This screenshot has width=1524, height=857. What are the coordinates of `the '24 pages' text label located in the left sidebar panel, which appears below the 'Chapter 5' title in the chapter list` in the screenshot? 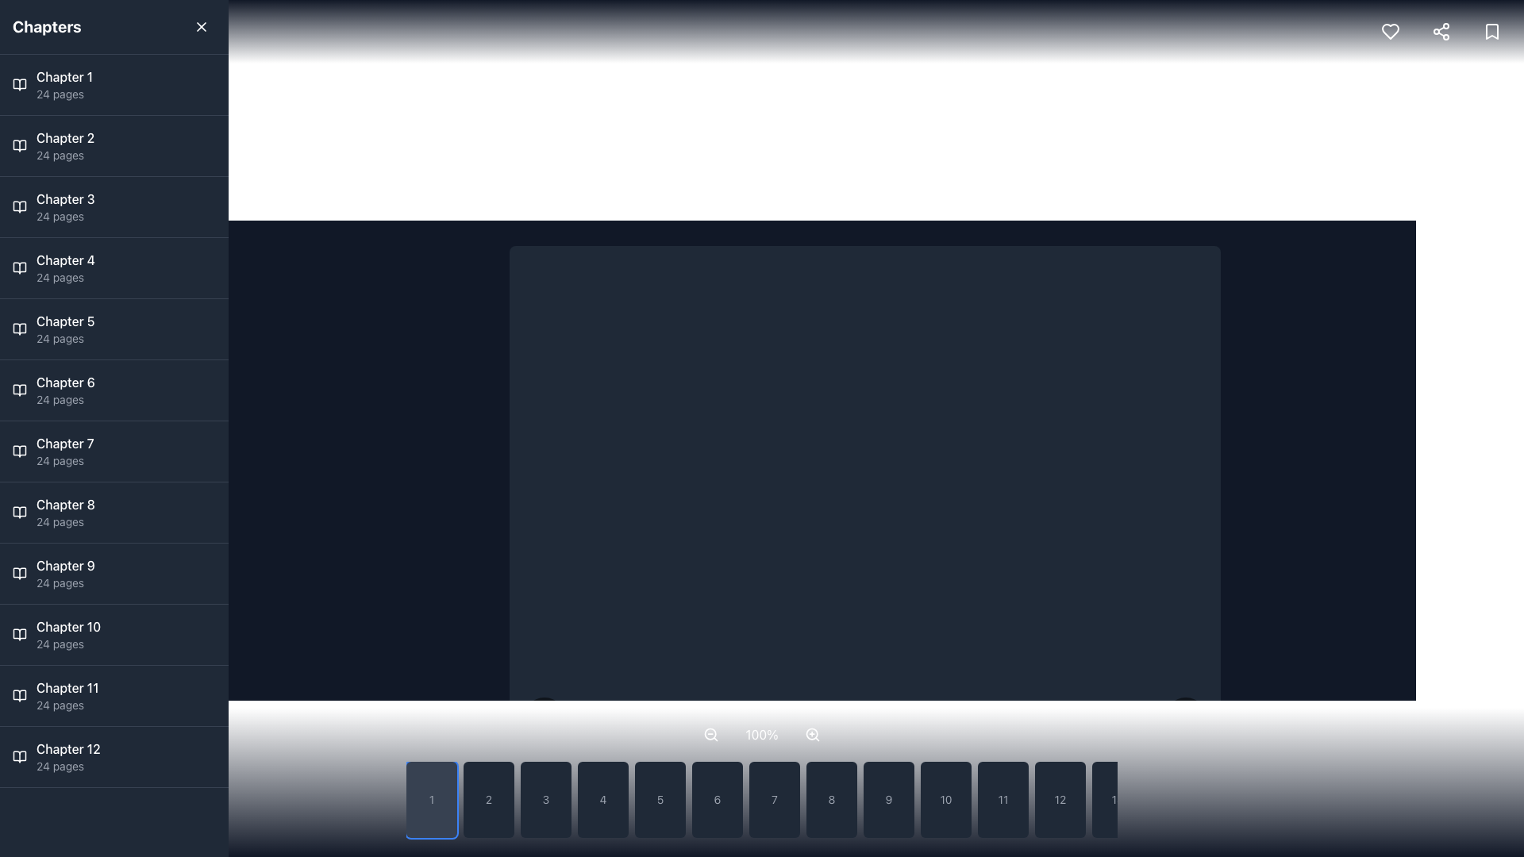 It's located at (64, 338).